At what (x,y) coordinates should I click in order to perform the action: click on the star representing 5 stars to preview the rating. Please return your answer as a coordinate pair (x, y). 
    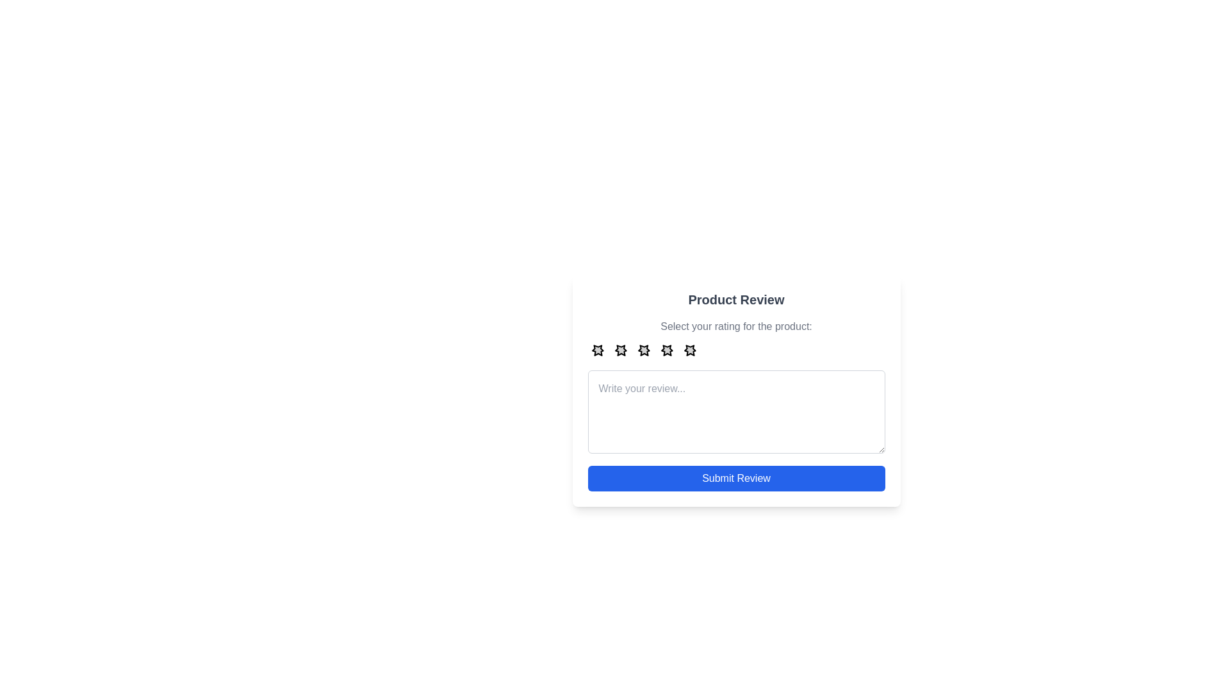
    Looking at the image, I should click on (689, 350).